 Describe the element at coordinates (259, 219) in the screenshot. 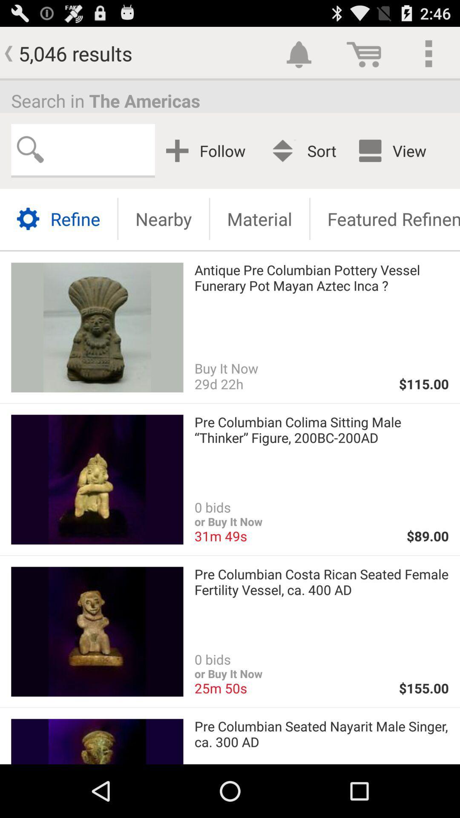

I see `item below the follow app` at that location.